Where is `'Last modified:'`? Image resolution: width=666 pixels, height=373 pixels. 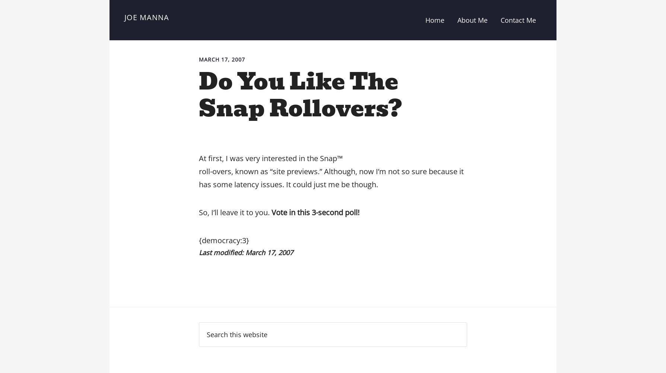
'Last modified:' is located at coordinates (222, 252).